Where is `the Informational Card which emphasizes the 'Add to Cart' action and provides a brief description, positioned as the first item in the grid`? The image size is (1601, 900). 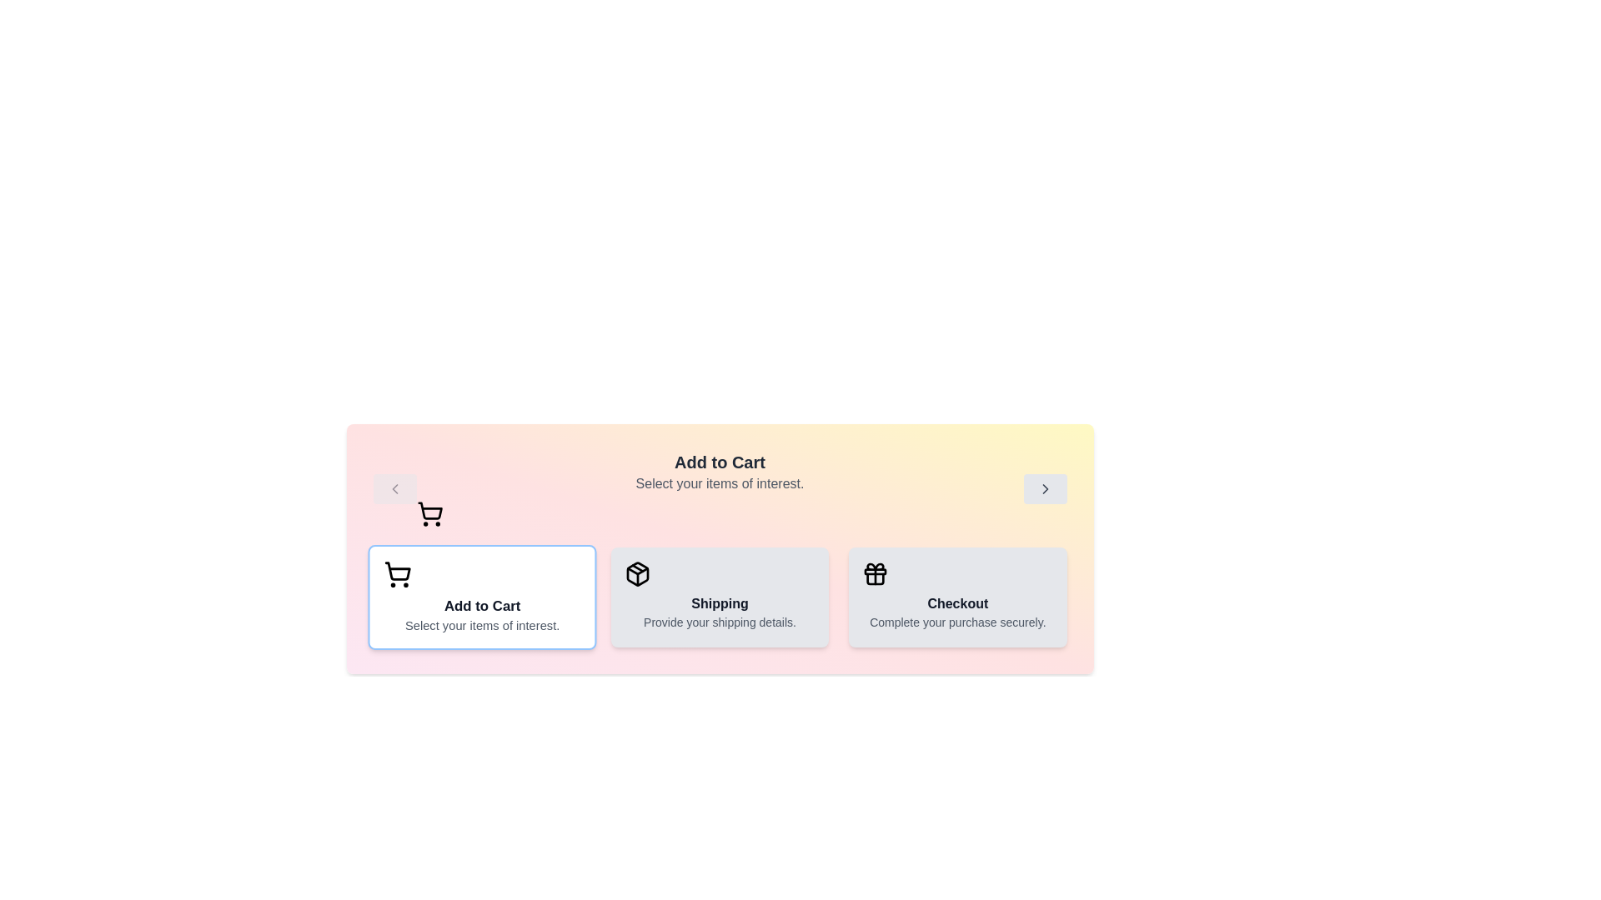 the Informational Card which emphasizes the 'Add to Cart' action and provides a brief description, positioned as the first item in the grid is located at coordinates (481, 597).